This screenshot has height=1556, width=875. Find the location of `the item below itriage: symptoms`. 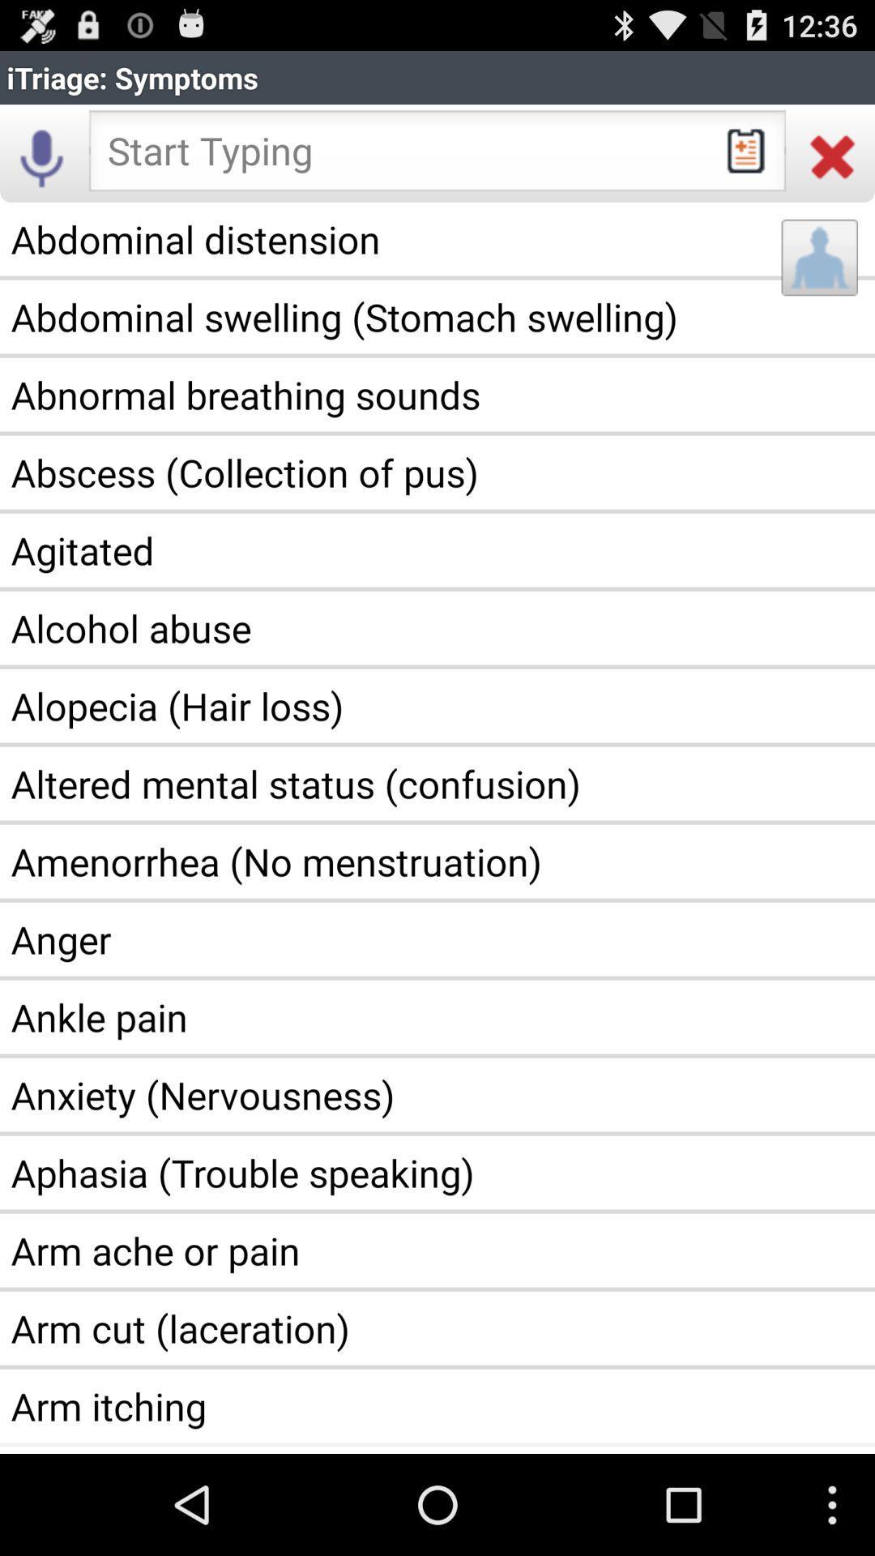

the item below itriage: symptoms is located at coordinates (41, 156).